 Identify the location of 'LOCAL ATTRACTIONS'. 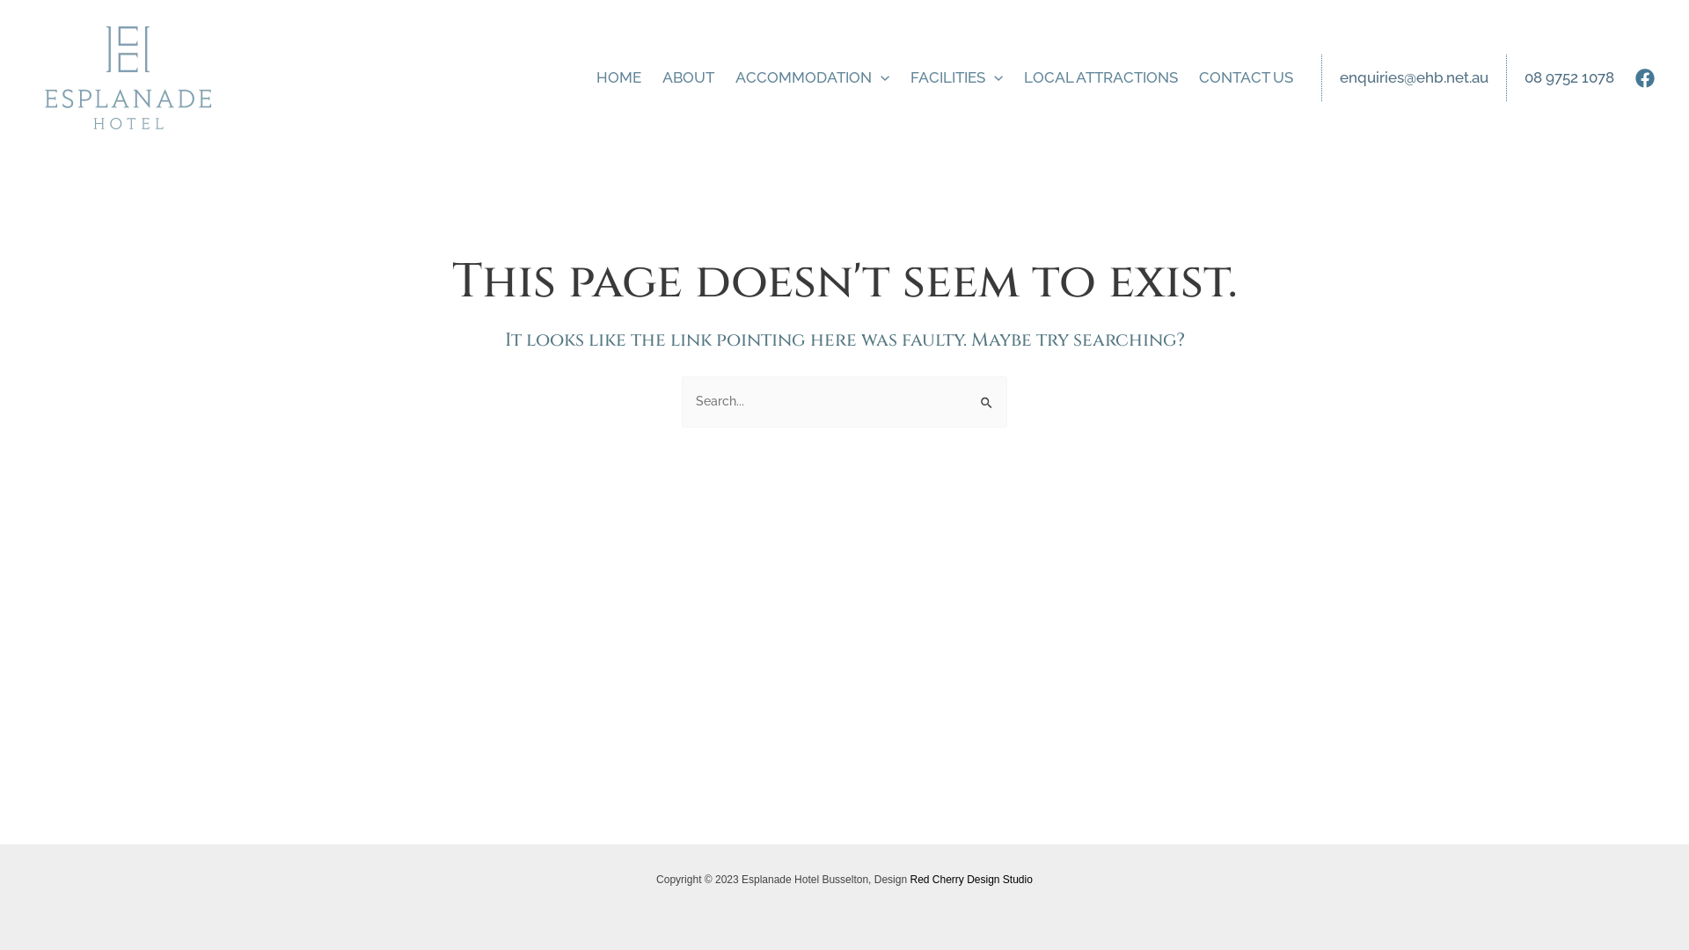
(1013, 77).